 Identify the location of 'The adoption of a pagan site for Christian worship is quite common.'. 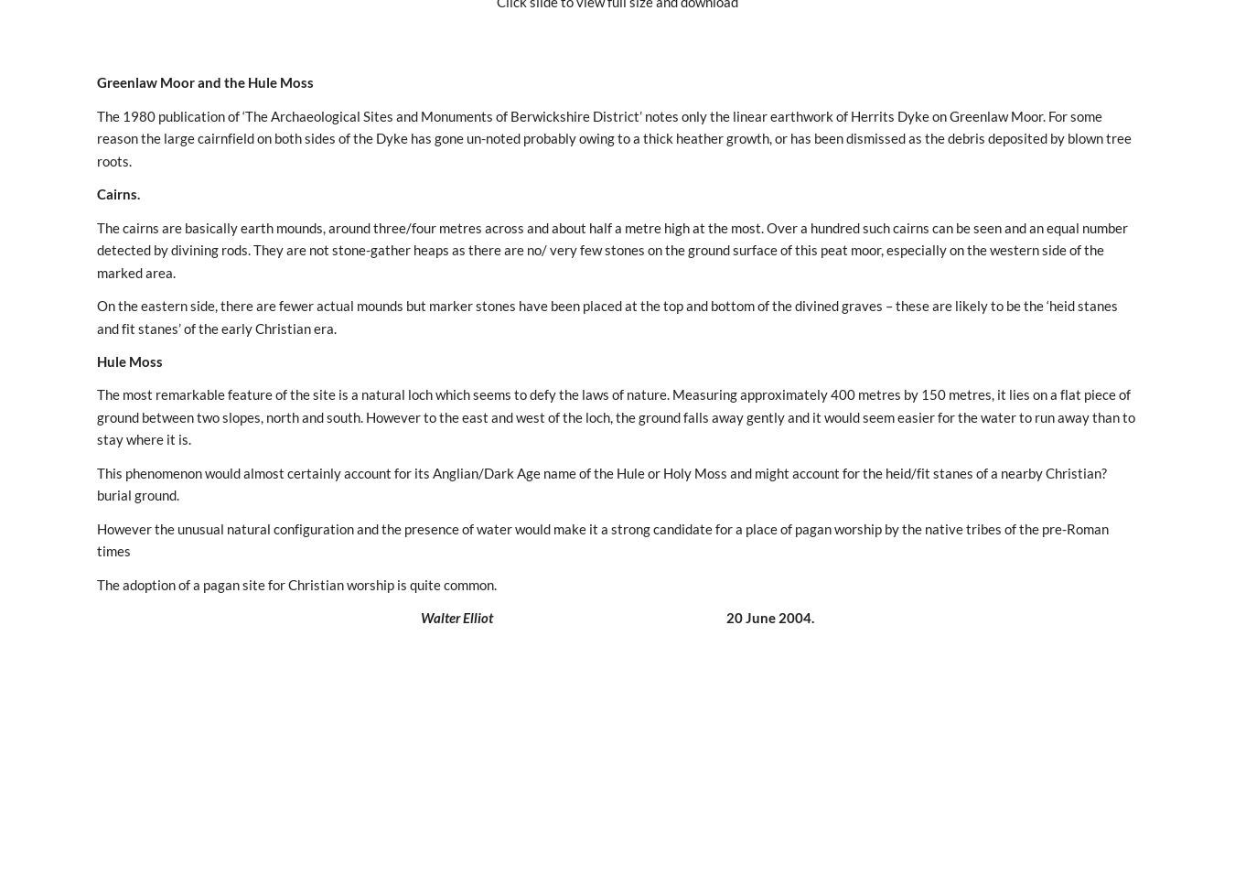
(295, 583).